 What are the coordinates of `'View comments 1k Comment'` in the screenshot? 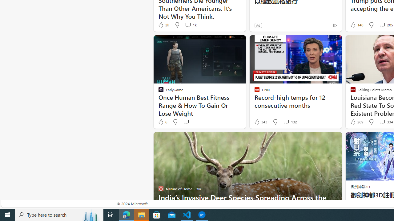 It's located at (190, 25).